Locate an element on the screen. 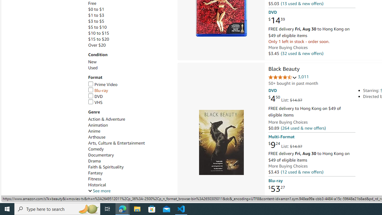 This screenshot has height=215, width=382. 'DVD' is located at coordinates (95, 96).